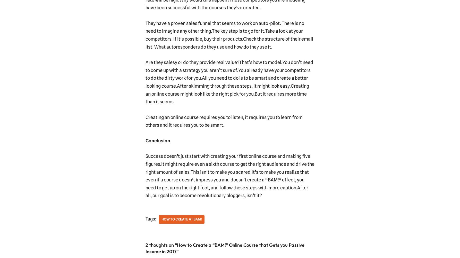 The width and height of the screenshot is (460, 258). What do you see at coordinates (150, 219) in the screenshot?
I see `'Tags:'` at bounding box center [150, 219].